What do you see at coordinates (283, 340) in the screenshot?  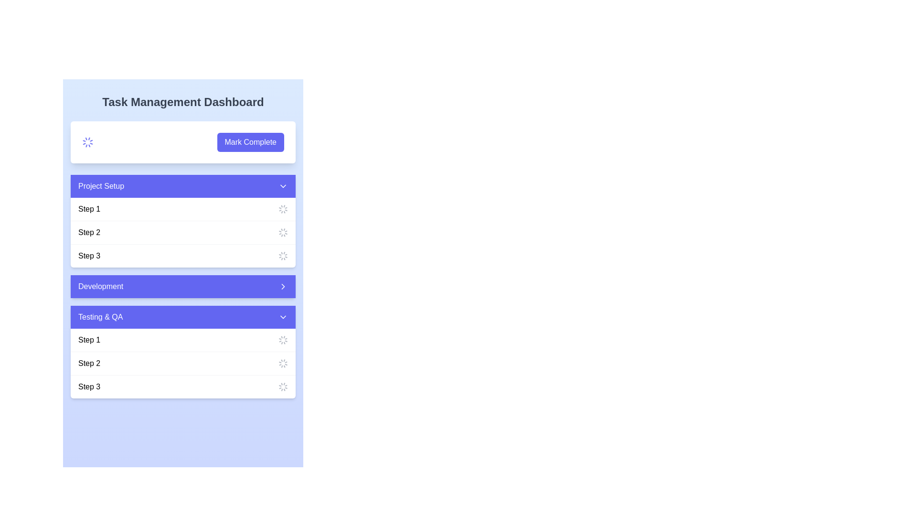 I see `the Loader icon indicating the status of the ongoing operation for 'Step 1' in the 'Testing & QA' section` at bounding box center [283, 340].